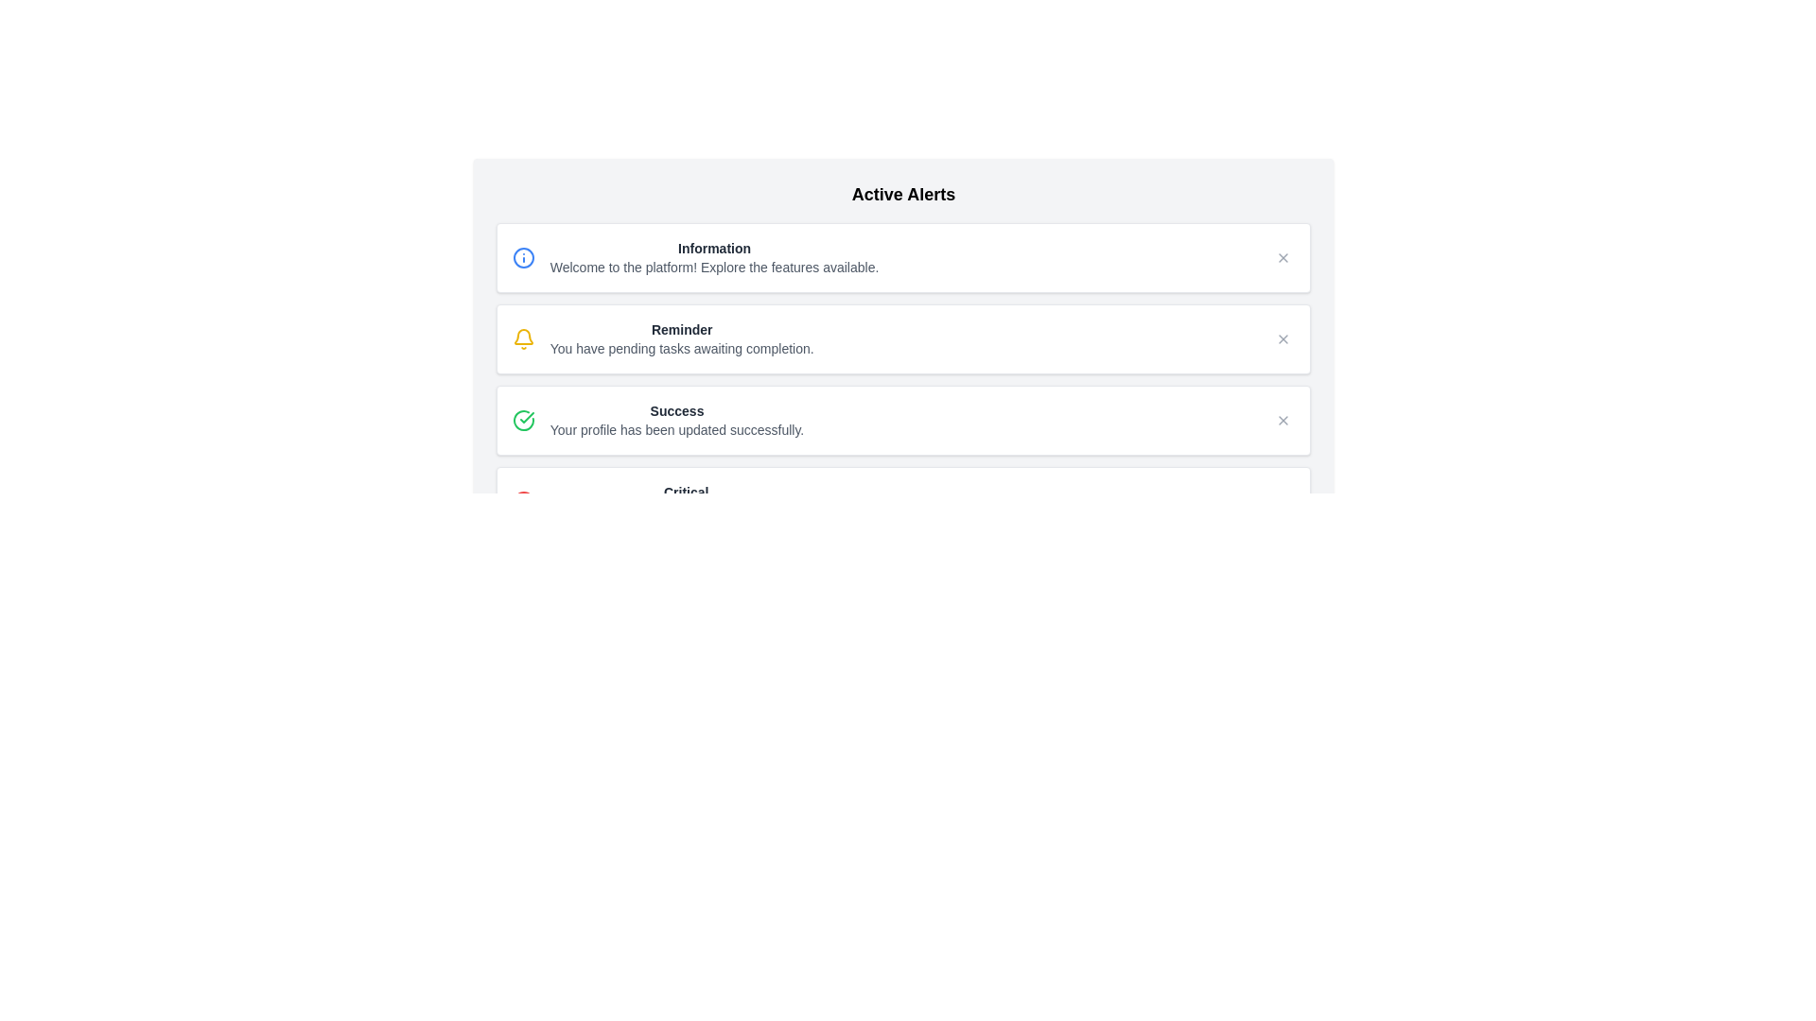 This screenshot has height=1021, width=1816. What do you see at coordinates (1283, 258) in the screenshot?
I see `the dismiss button located at the top-right corner of the 'Information' notification card to change the text color` at bounding box center [1283, 258].